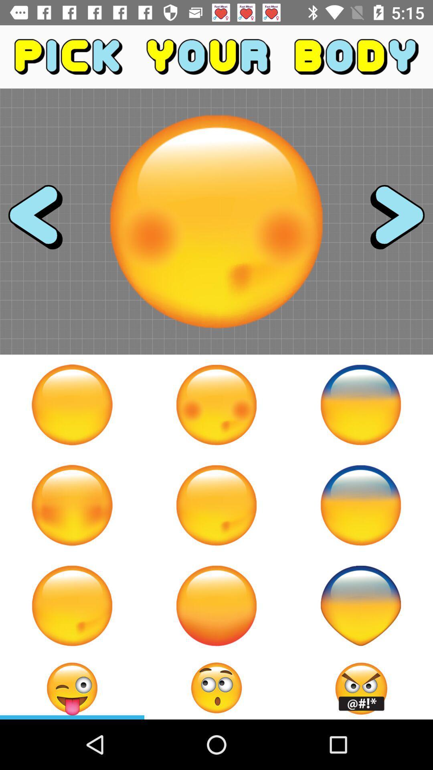  Describe the element at coordinates (42, 221) in the screenshot. I see `the arrow_backward icon` at that location.